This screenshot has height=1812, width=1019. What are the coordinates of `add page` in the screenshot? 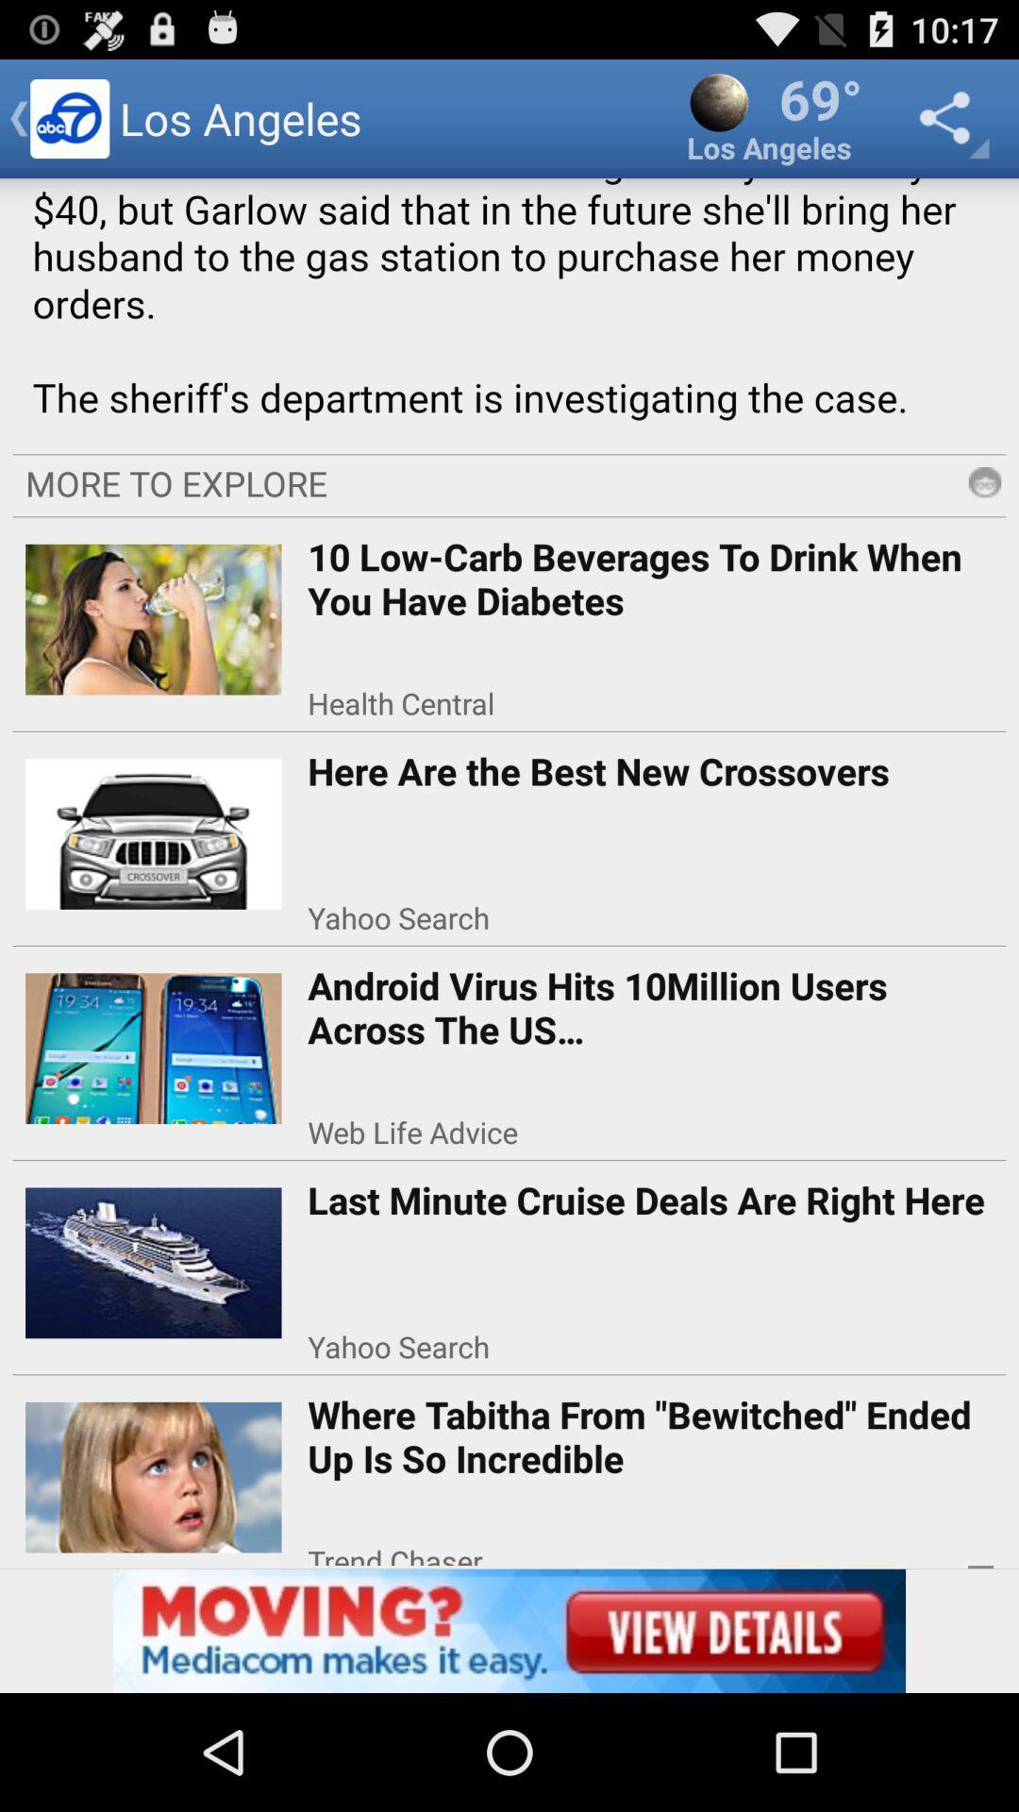 It's located at (509, 1630).